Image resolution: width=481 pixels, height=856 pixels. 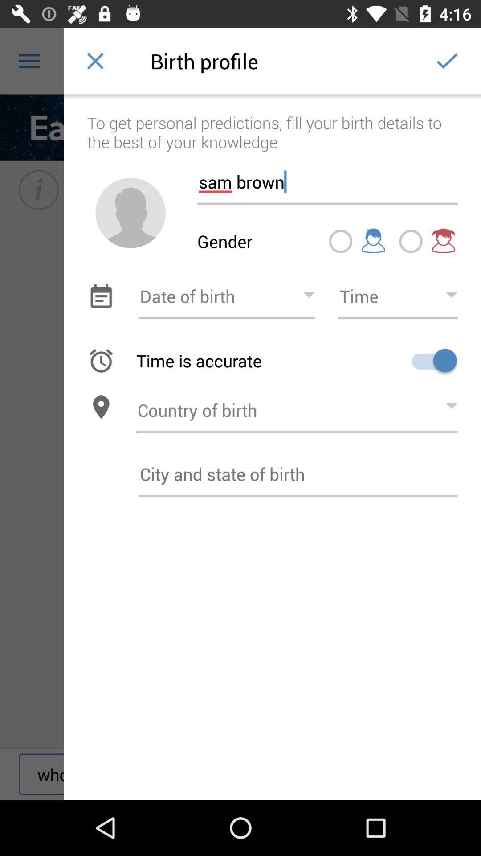 What do you see at coordinates (101, 407) in the screenshot?
I see `switch location option` at bounding box center [101, 407].